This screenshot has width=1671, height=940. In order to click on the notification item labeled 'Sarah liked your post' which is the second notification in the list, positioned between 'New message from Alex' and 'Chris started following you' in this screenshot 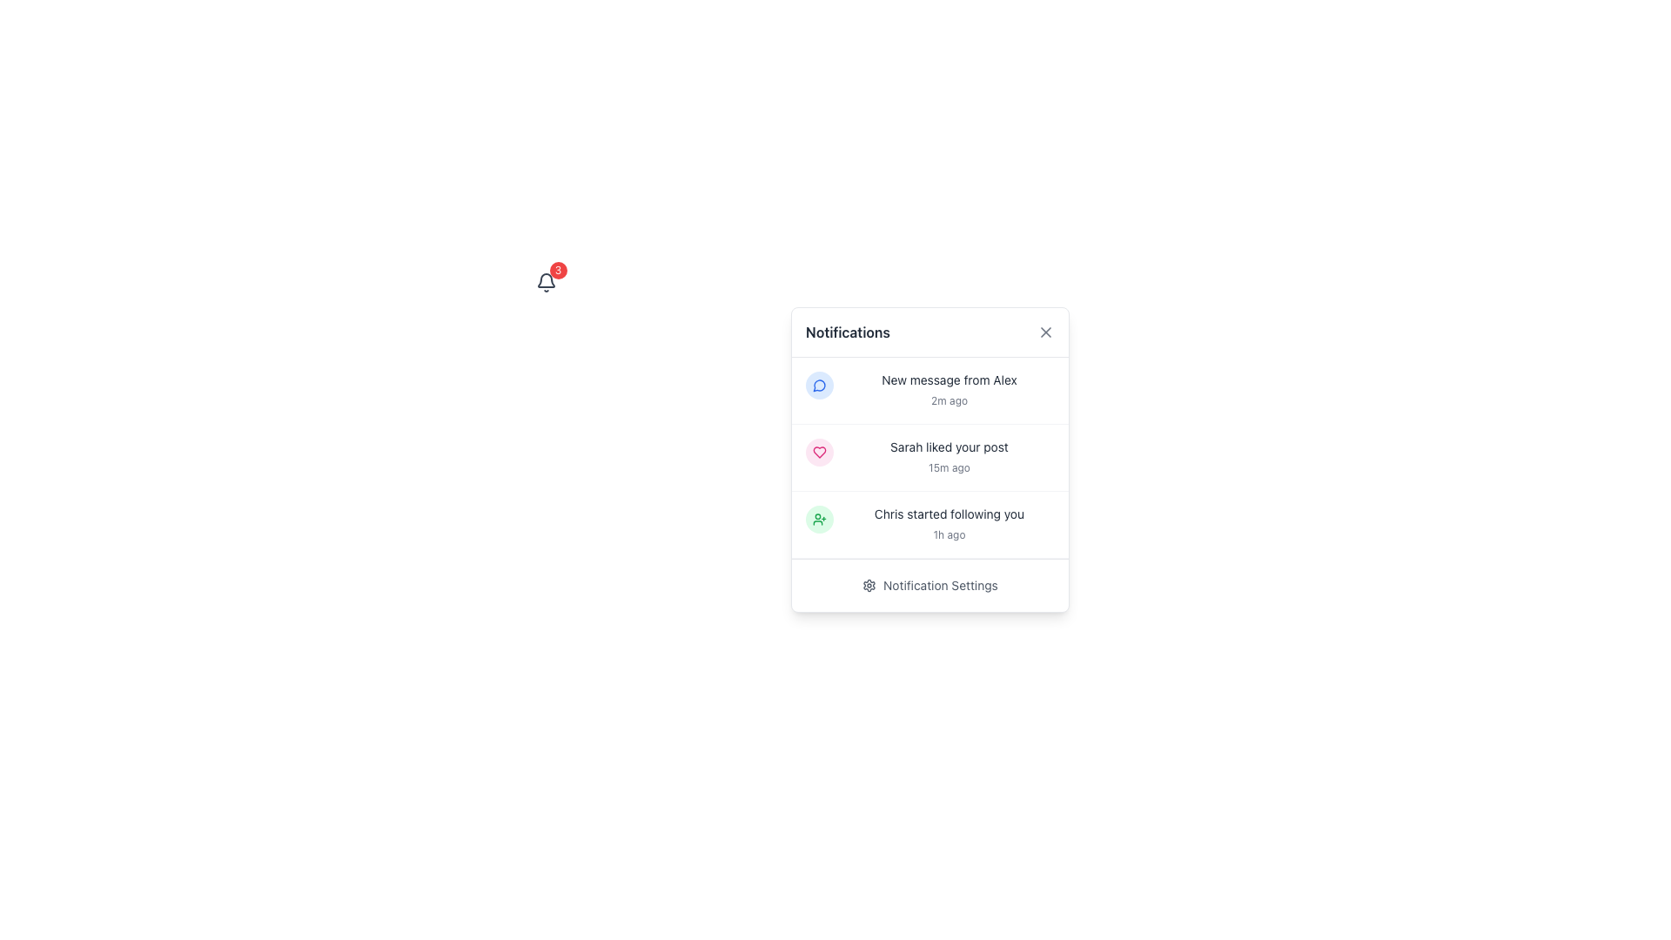, I will do `click(929, 457)`.